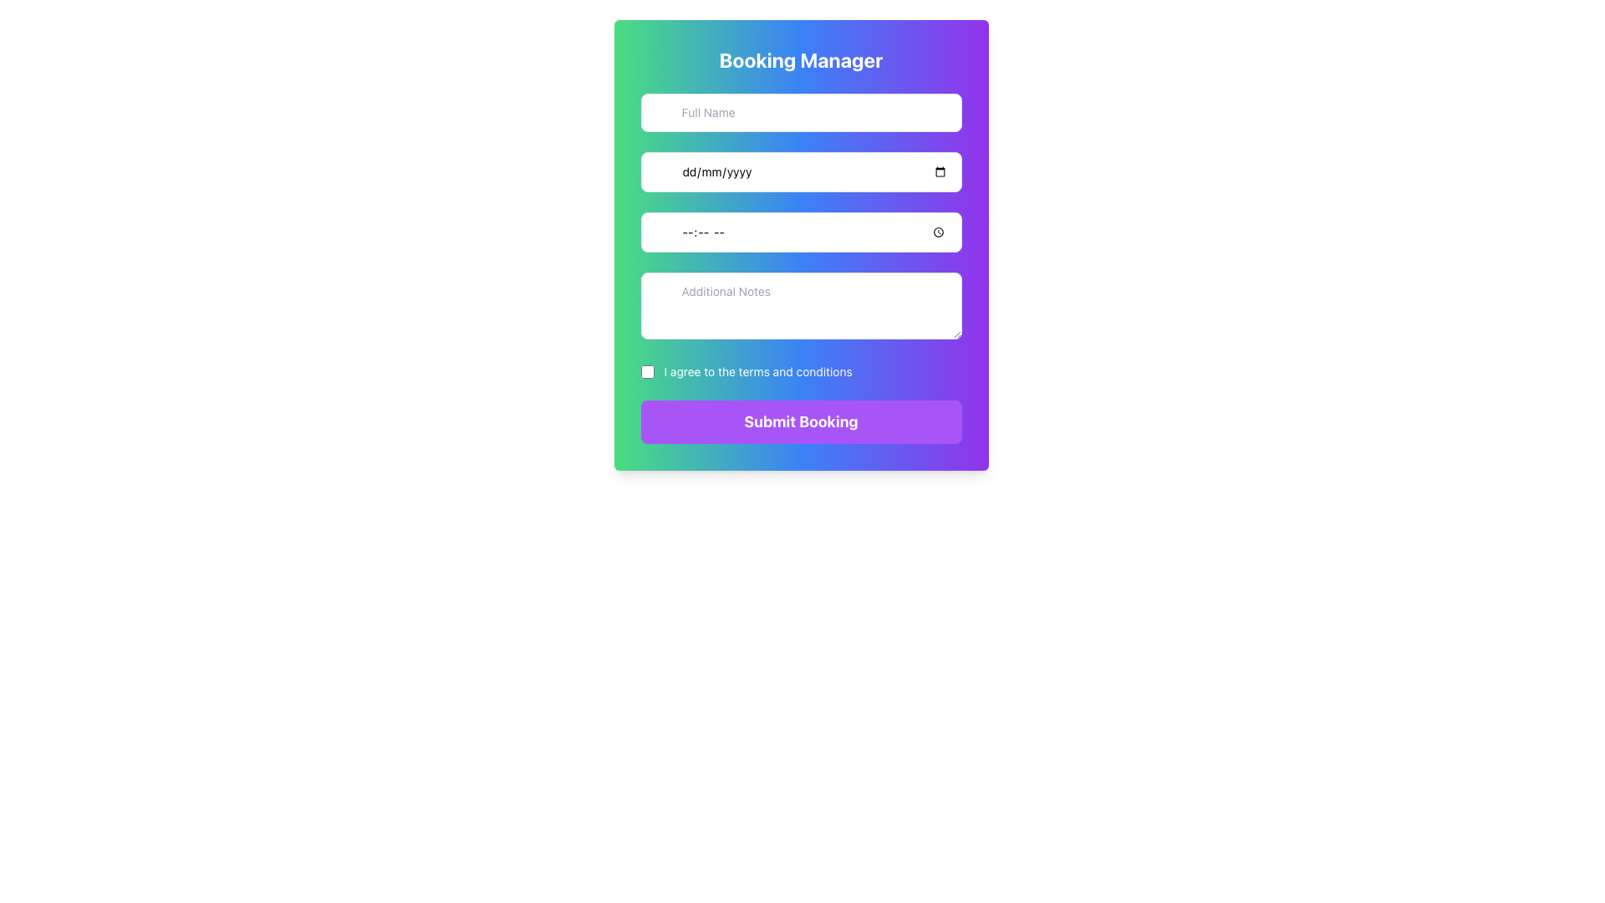  I want to click on the Date Input Field located below the 'Full Name' input box, so click(800, 171).